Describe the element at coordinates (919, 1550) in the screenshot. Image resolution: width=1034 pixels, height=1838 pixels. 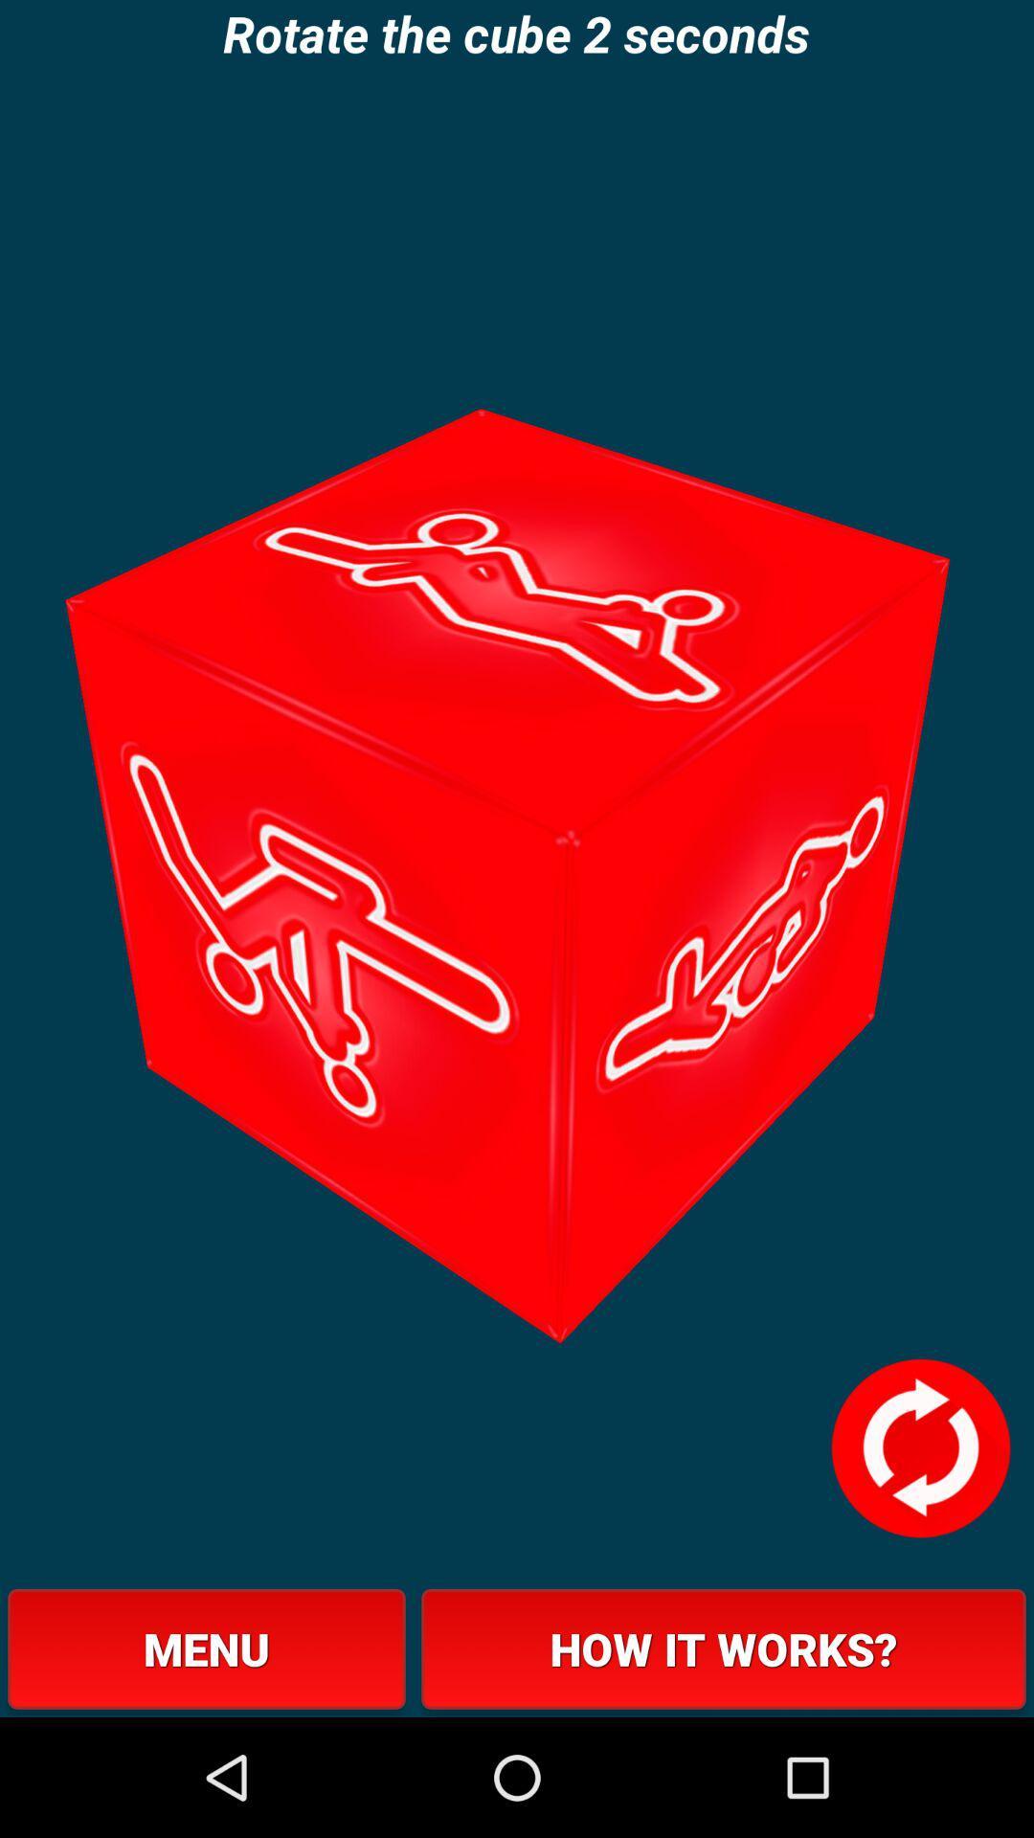
I see `the refresh icon` at that location.